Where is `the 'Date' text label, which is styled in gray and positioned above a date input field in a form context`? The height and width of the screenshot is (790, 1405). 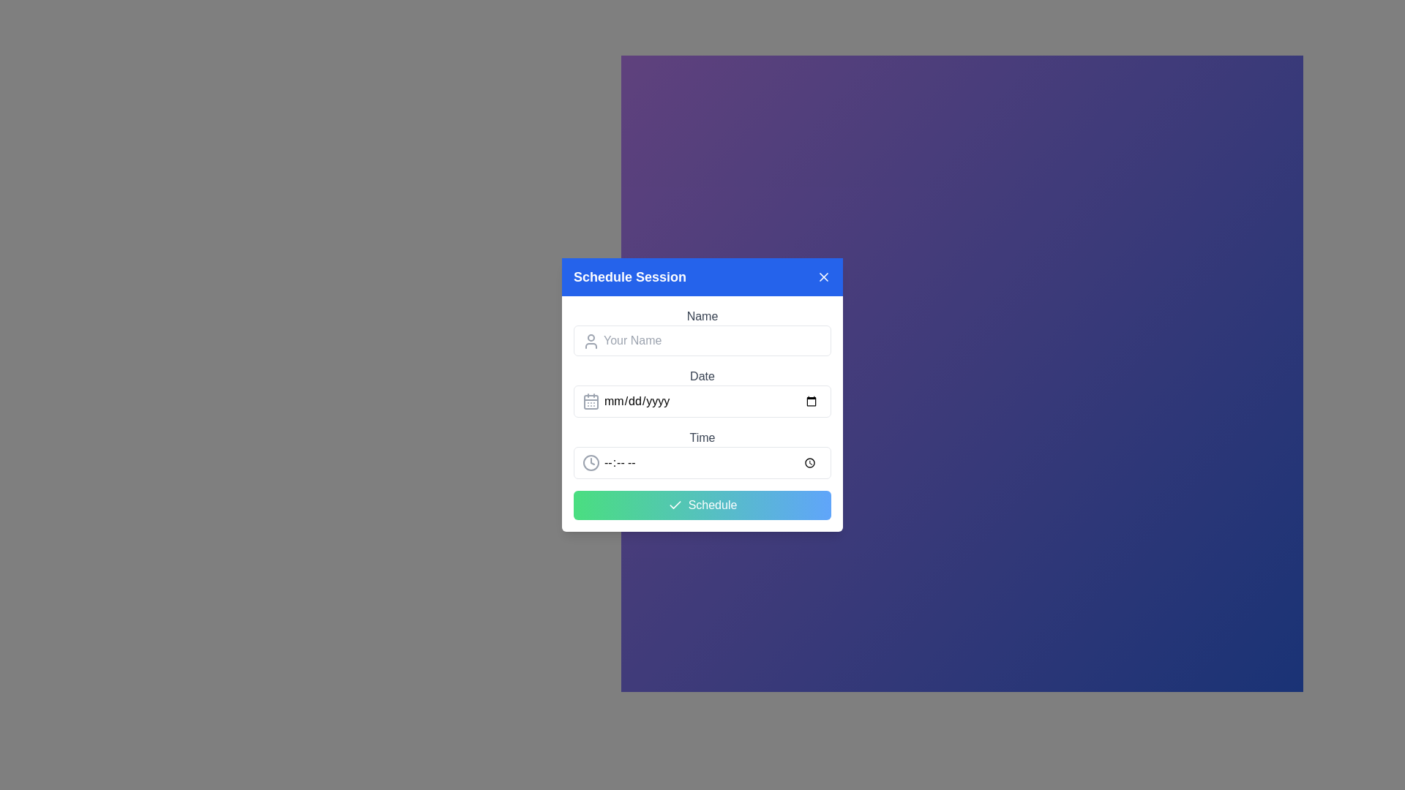 the 'Date' text label, which is styled in gray and positioned above a date input field in a form context is located at coordinates (702, 376).